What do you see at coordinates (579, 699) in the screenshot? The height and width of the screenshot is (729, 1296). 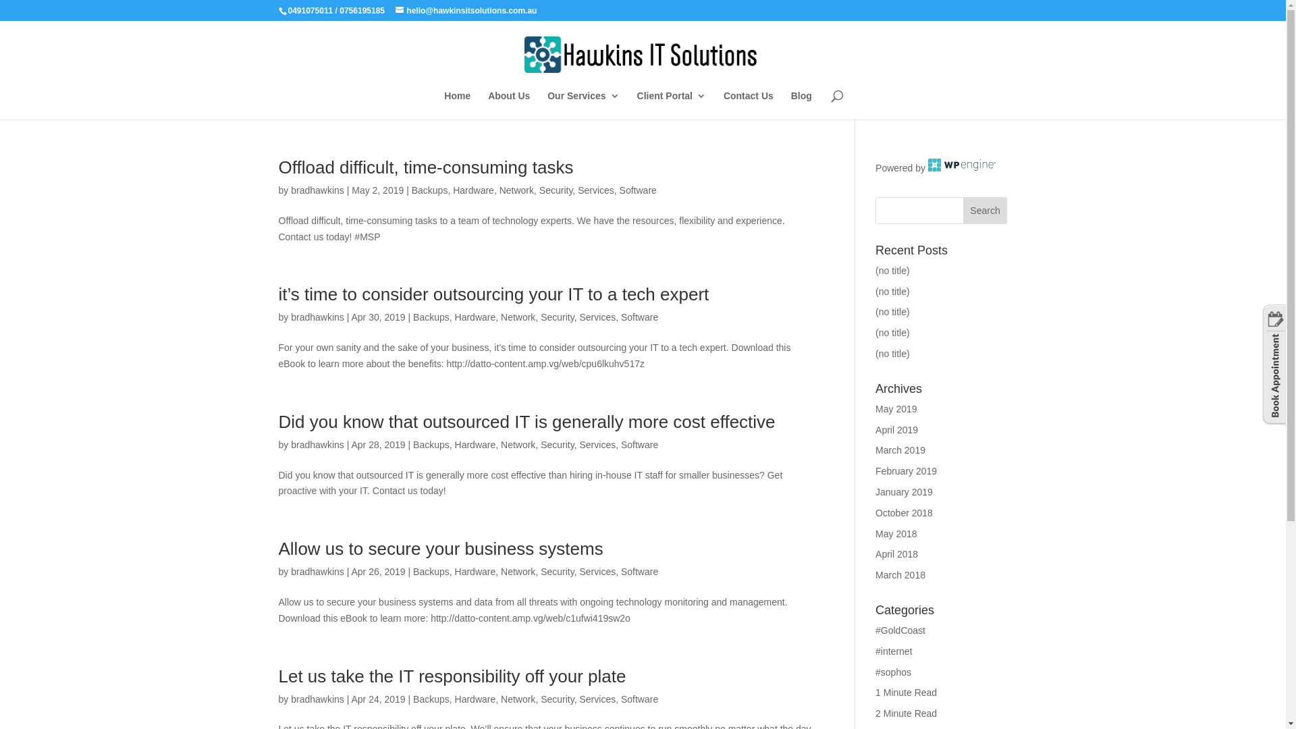 I see `'Services'` at bounding box center [579, 699].